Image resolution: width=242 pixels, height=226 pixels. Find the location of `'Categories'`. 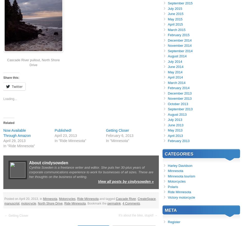

'Categories' is located at coordinates (179, 154).